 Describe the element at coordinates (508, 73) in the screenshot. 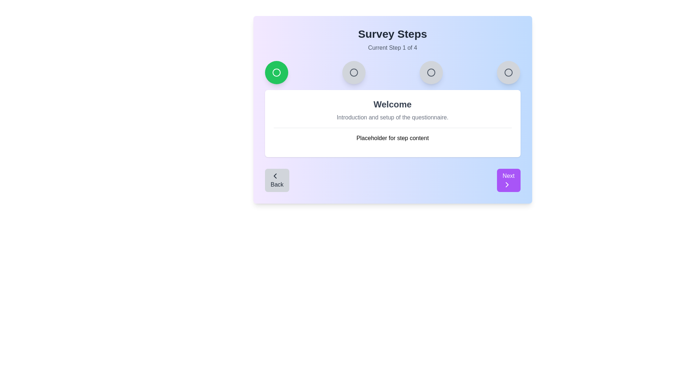

I see `the rightmost circular icon within the button` at that location.